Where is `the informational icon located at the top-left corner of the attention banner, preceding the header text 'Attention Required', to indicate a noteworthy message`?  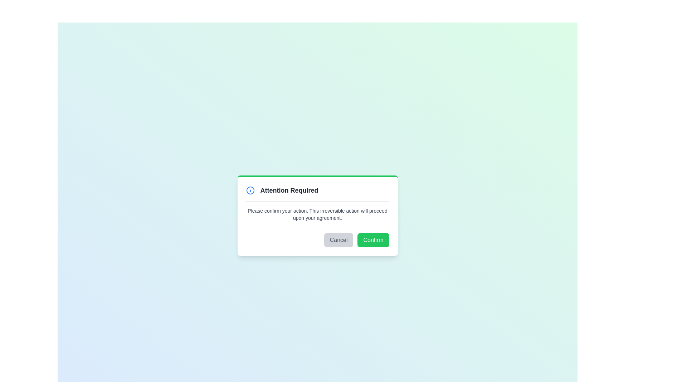
the informational icon located at the top-left corner of the attention banner, preceding the header text 'Attention Required', to indicate a noteworthy message is located at coordinates (250, 190).